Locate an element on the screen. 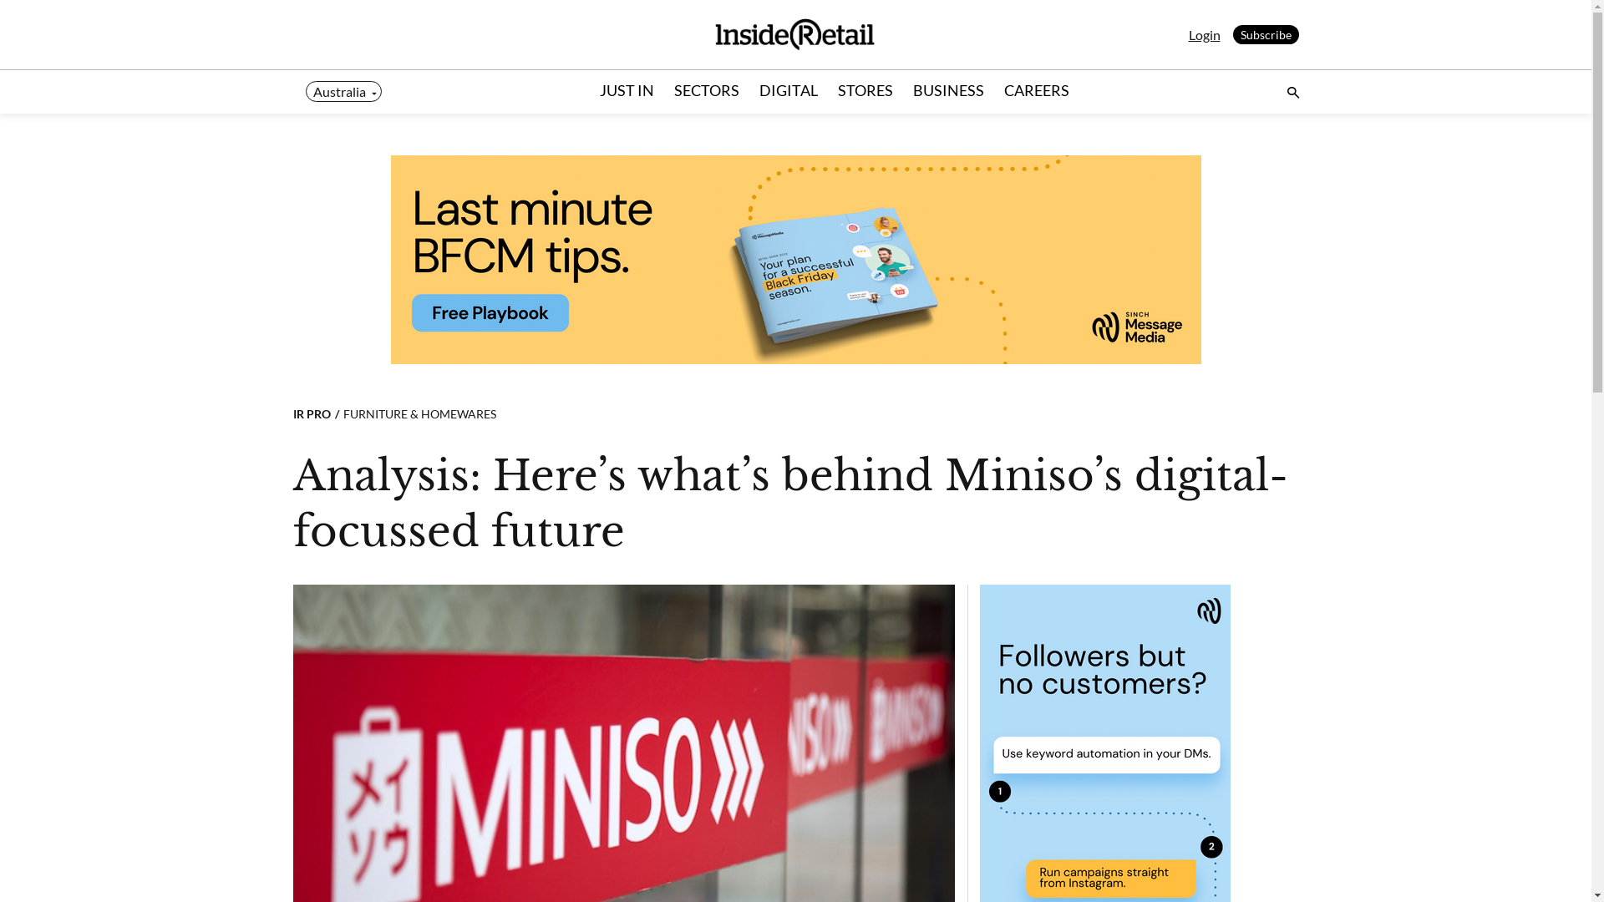 The width and height of the screenshot is (1604, 902). 'Australia' is located at coordinates (343, 91).